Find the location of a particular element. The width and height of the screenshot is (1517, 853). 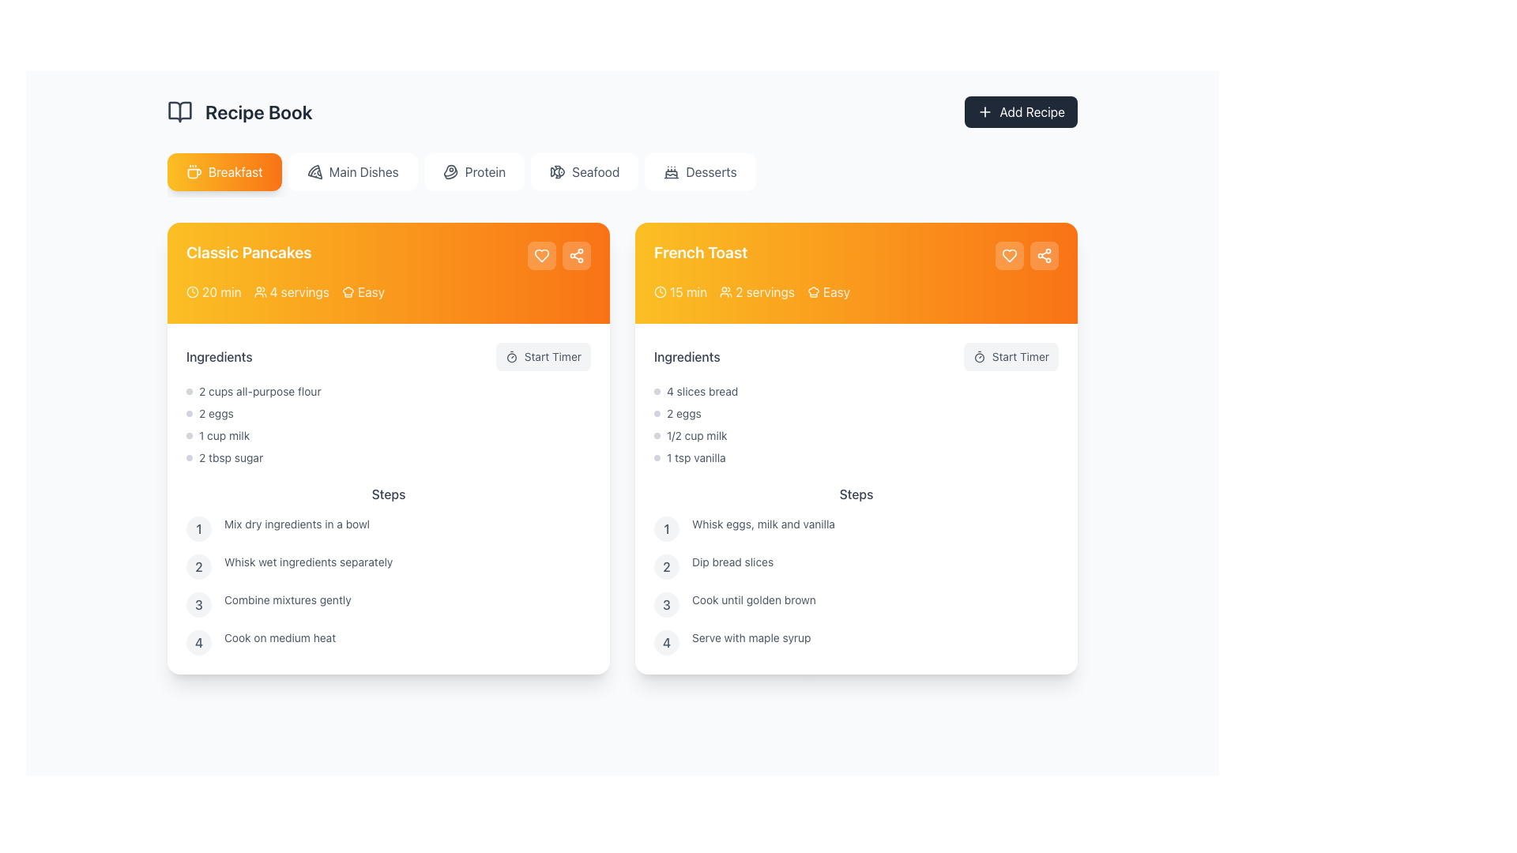

the non-interactive text label that describes the third step in the cooking process for the 'Classic Pancakes' recipe, located in the 'Steps' section of the recipe card is located at coordinates (288, 604).